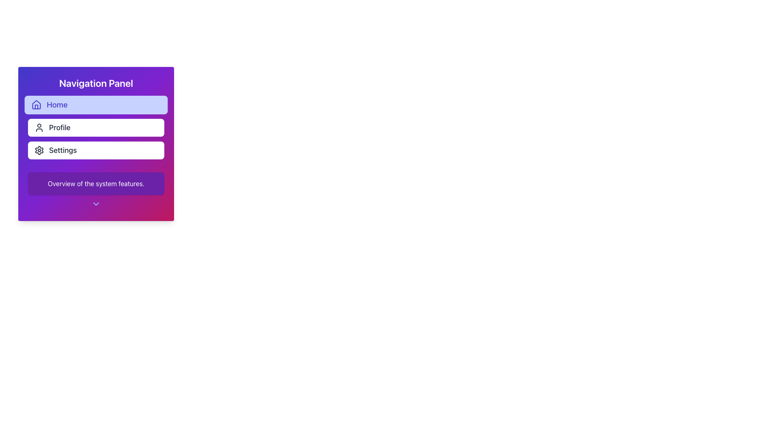 The width and height of the screenshot is (779, 438). I want to click on the decorative icon representing the 'Profile' navigation option, located to the left of the 'Profile' text, so click(39, 128).